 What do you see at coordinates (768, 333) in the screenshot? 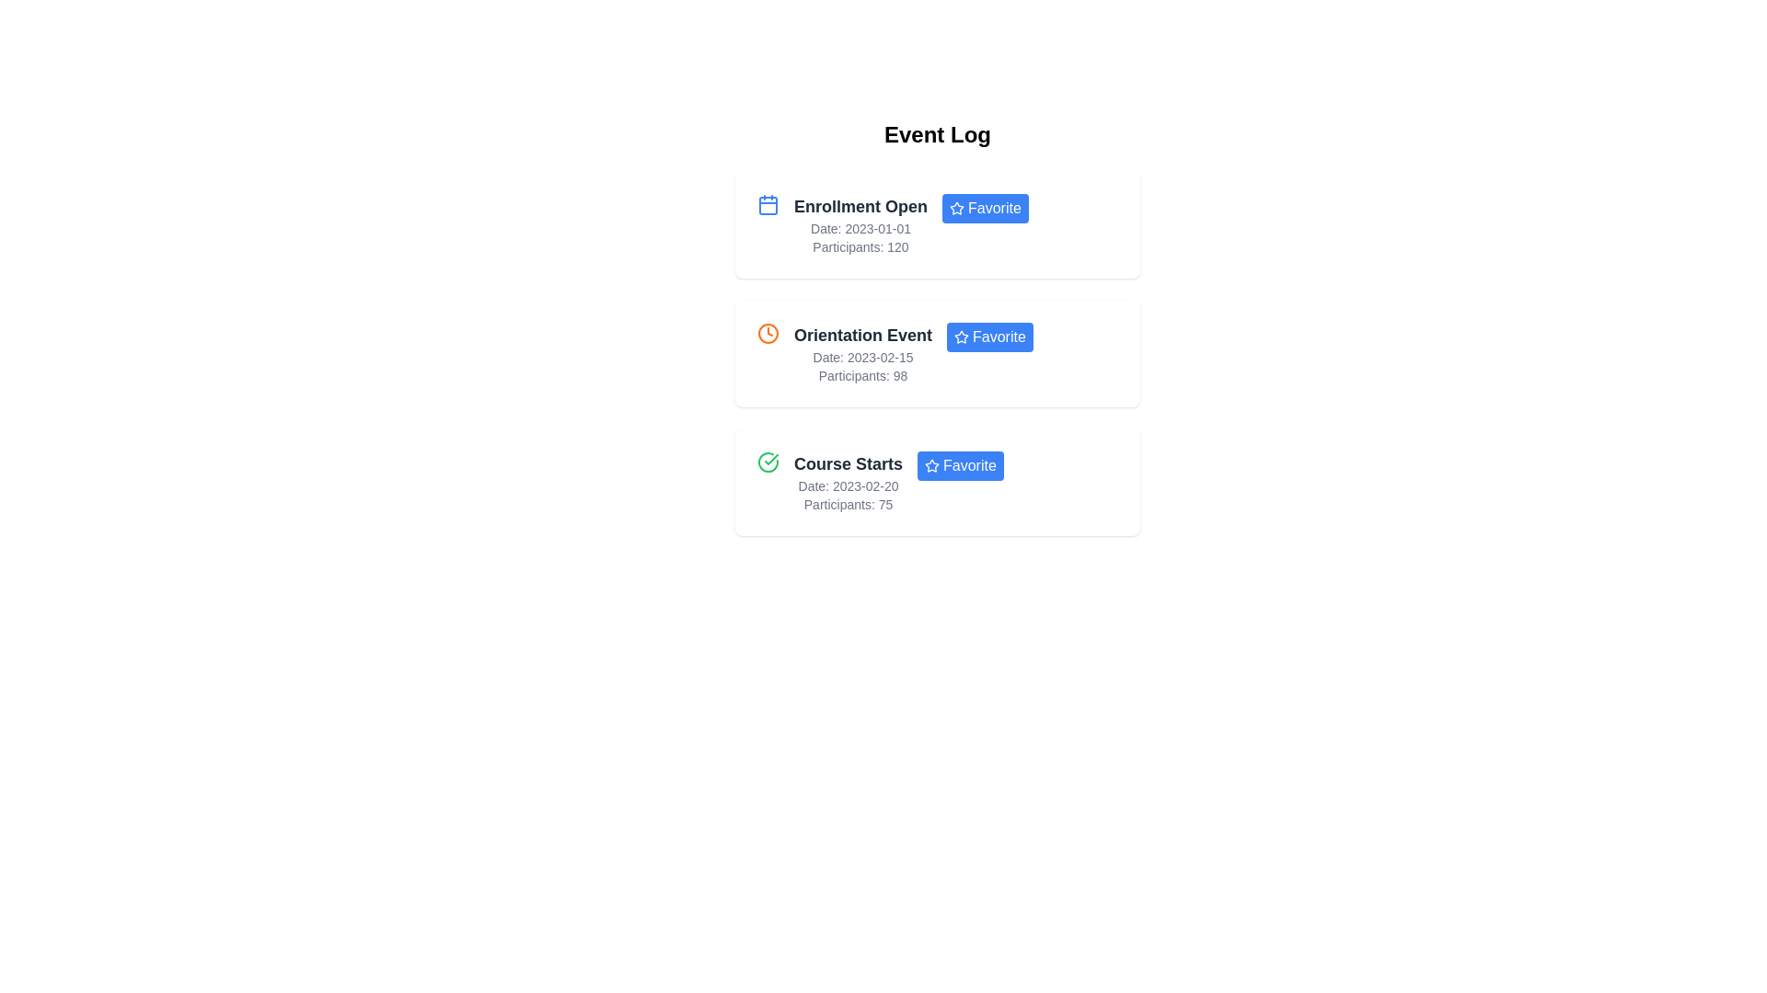
I see `the clock icon with an orange stroke located on the left side of the 'Orientation Event' card in the 'Event Log' list` at bounding box center [768, 333].